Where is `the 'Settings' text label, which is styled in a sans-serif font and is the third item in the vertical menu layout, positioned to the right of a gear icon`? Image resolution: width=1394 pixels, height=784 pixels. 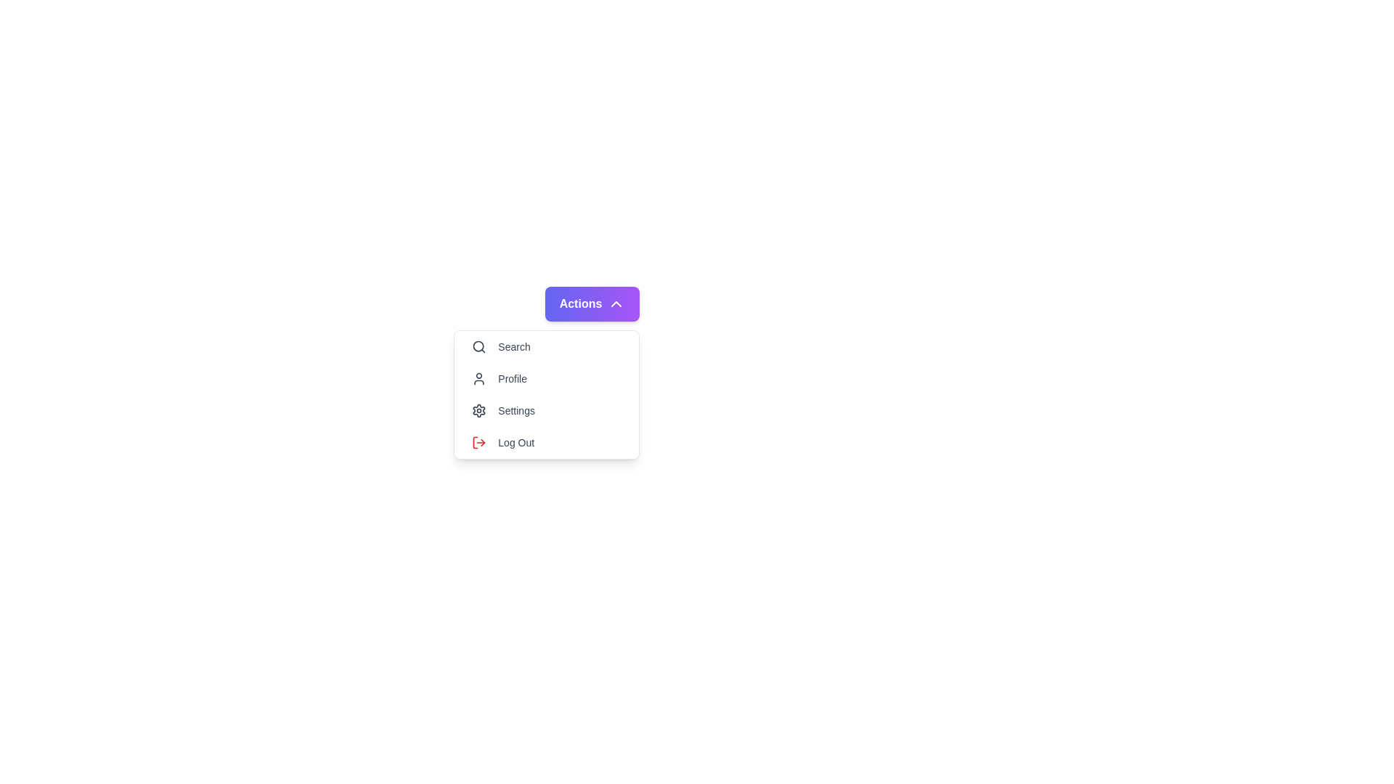
the 'Settings' text label, which is styled in a sans-serif font and is the third item in the vertical menu layout, positioned to the right of a gear icon is located at coordinates (516, 411).